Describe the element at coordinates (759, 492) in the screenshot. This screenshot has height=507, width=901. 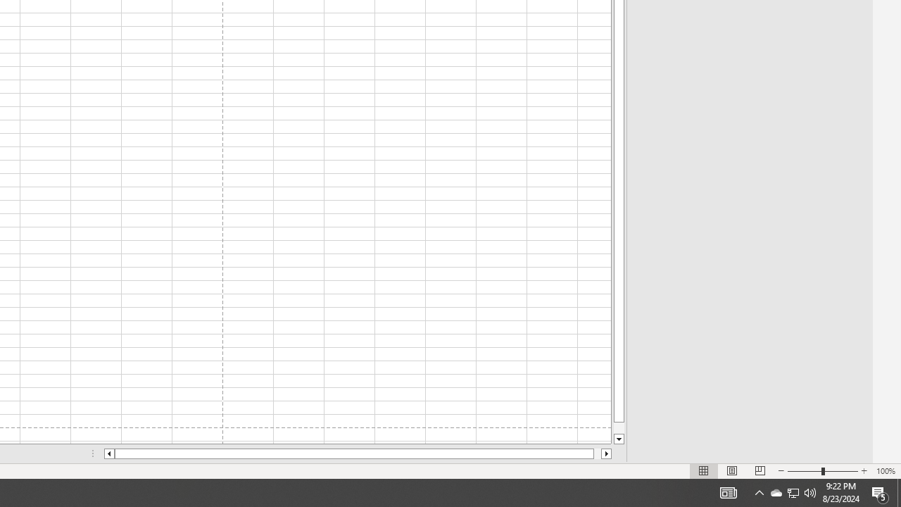
I see `'AutomationID: 4105'` at that location.